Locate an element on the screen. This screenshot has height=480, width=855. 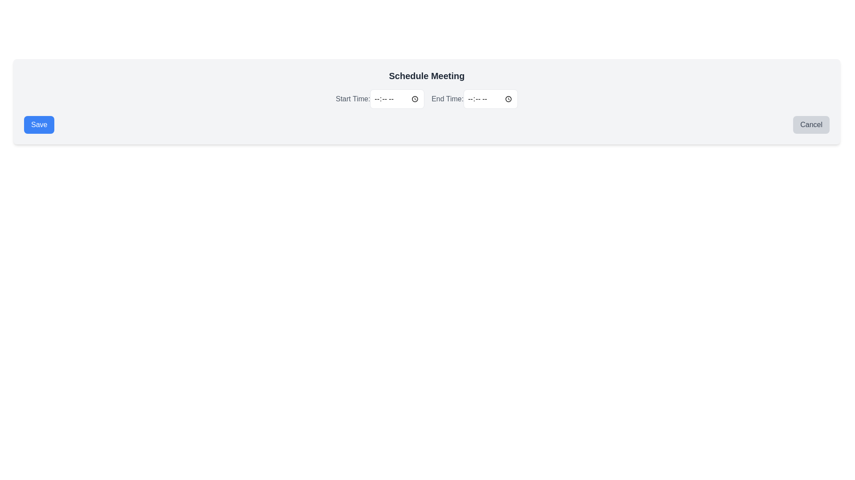
the 'Start Time' or 'End Time' input box in the time-picker element located below the 'Schedule Meeting' title is located at coordinates (426, 99).